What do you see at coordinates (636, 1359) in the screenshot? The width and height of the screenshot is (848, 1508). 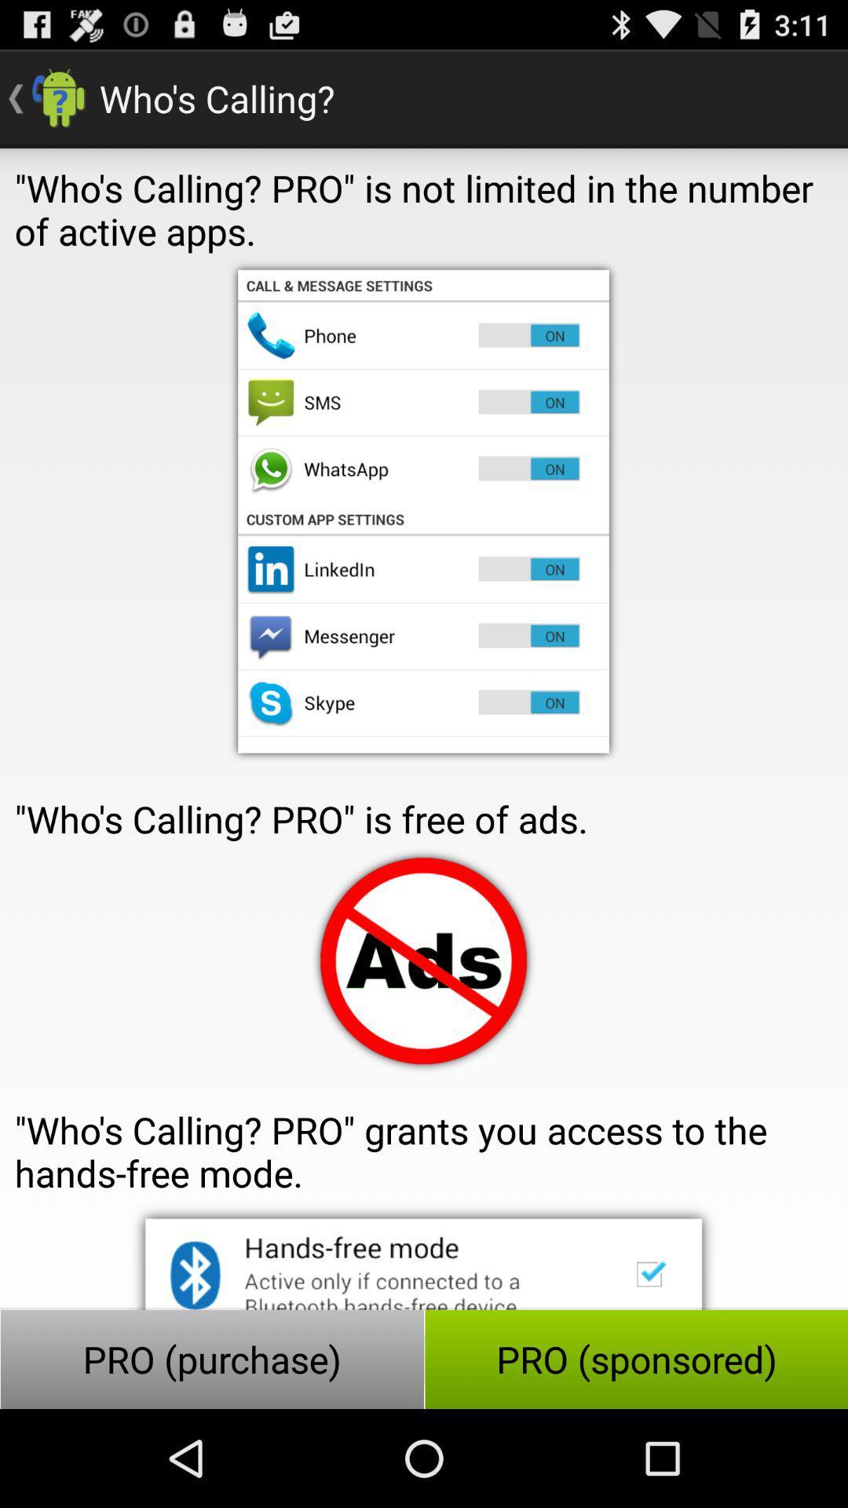 I see `icon to the right of the pro (purchase) button` at bounding box center [636, 1359].